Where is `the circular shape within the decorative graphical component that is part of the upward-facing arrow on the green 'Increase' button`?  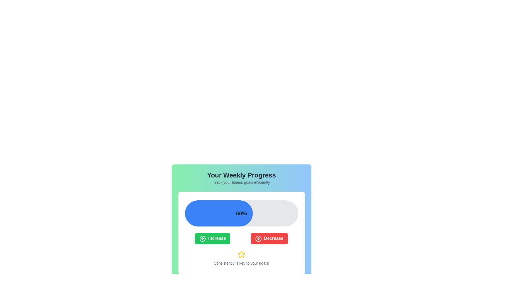
the circular shape within the decorative graphical component that is part of the upward-facing arrow on the green 'Increase' button is located at coordinates (202, 238).